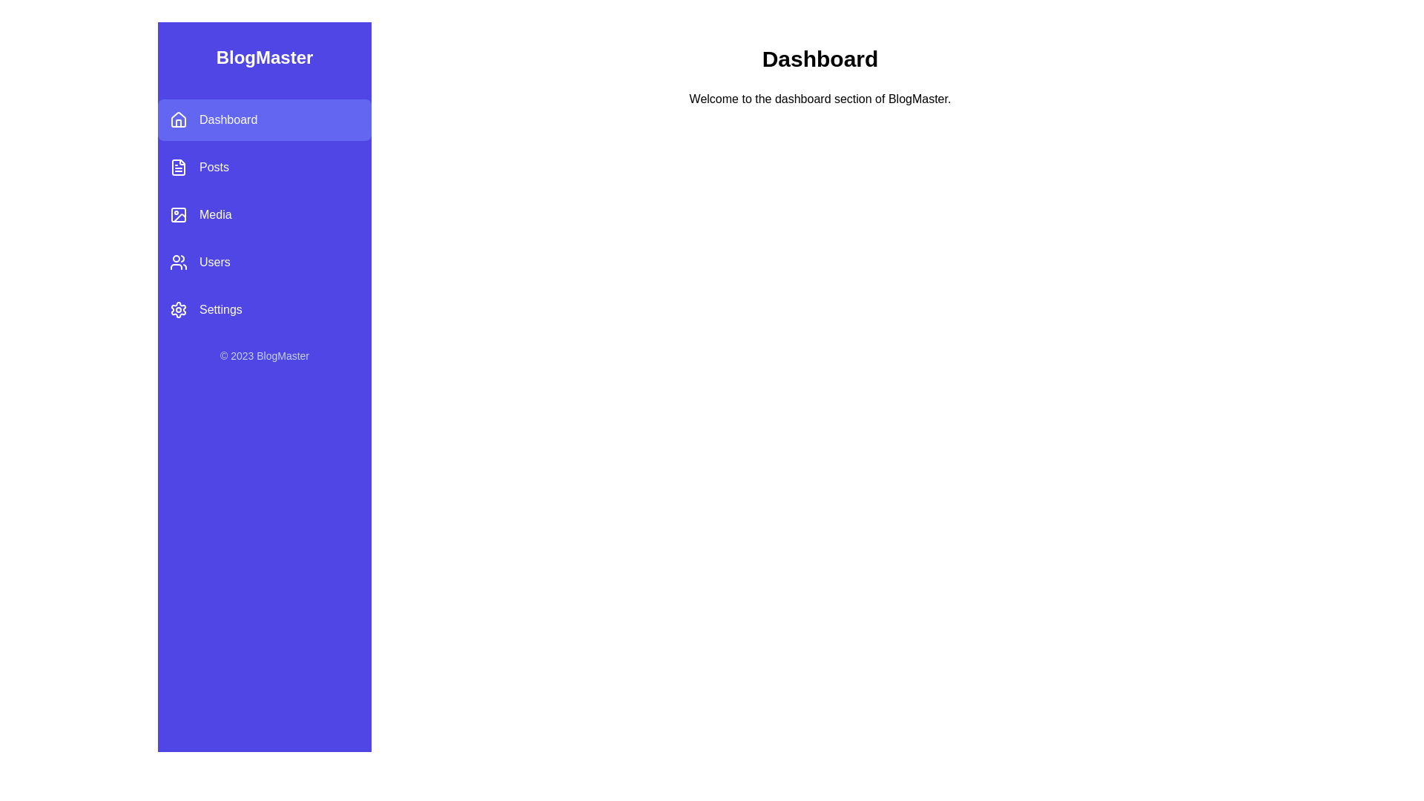 This screenshot has width=1424, height=801. I want to click on the 'Users' navigation link located in the vertical menu on the left side of the interface, which is the fourth item in the menu, so click(264, 262).